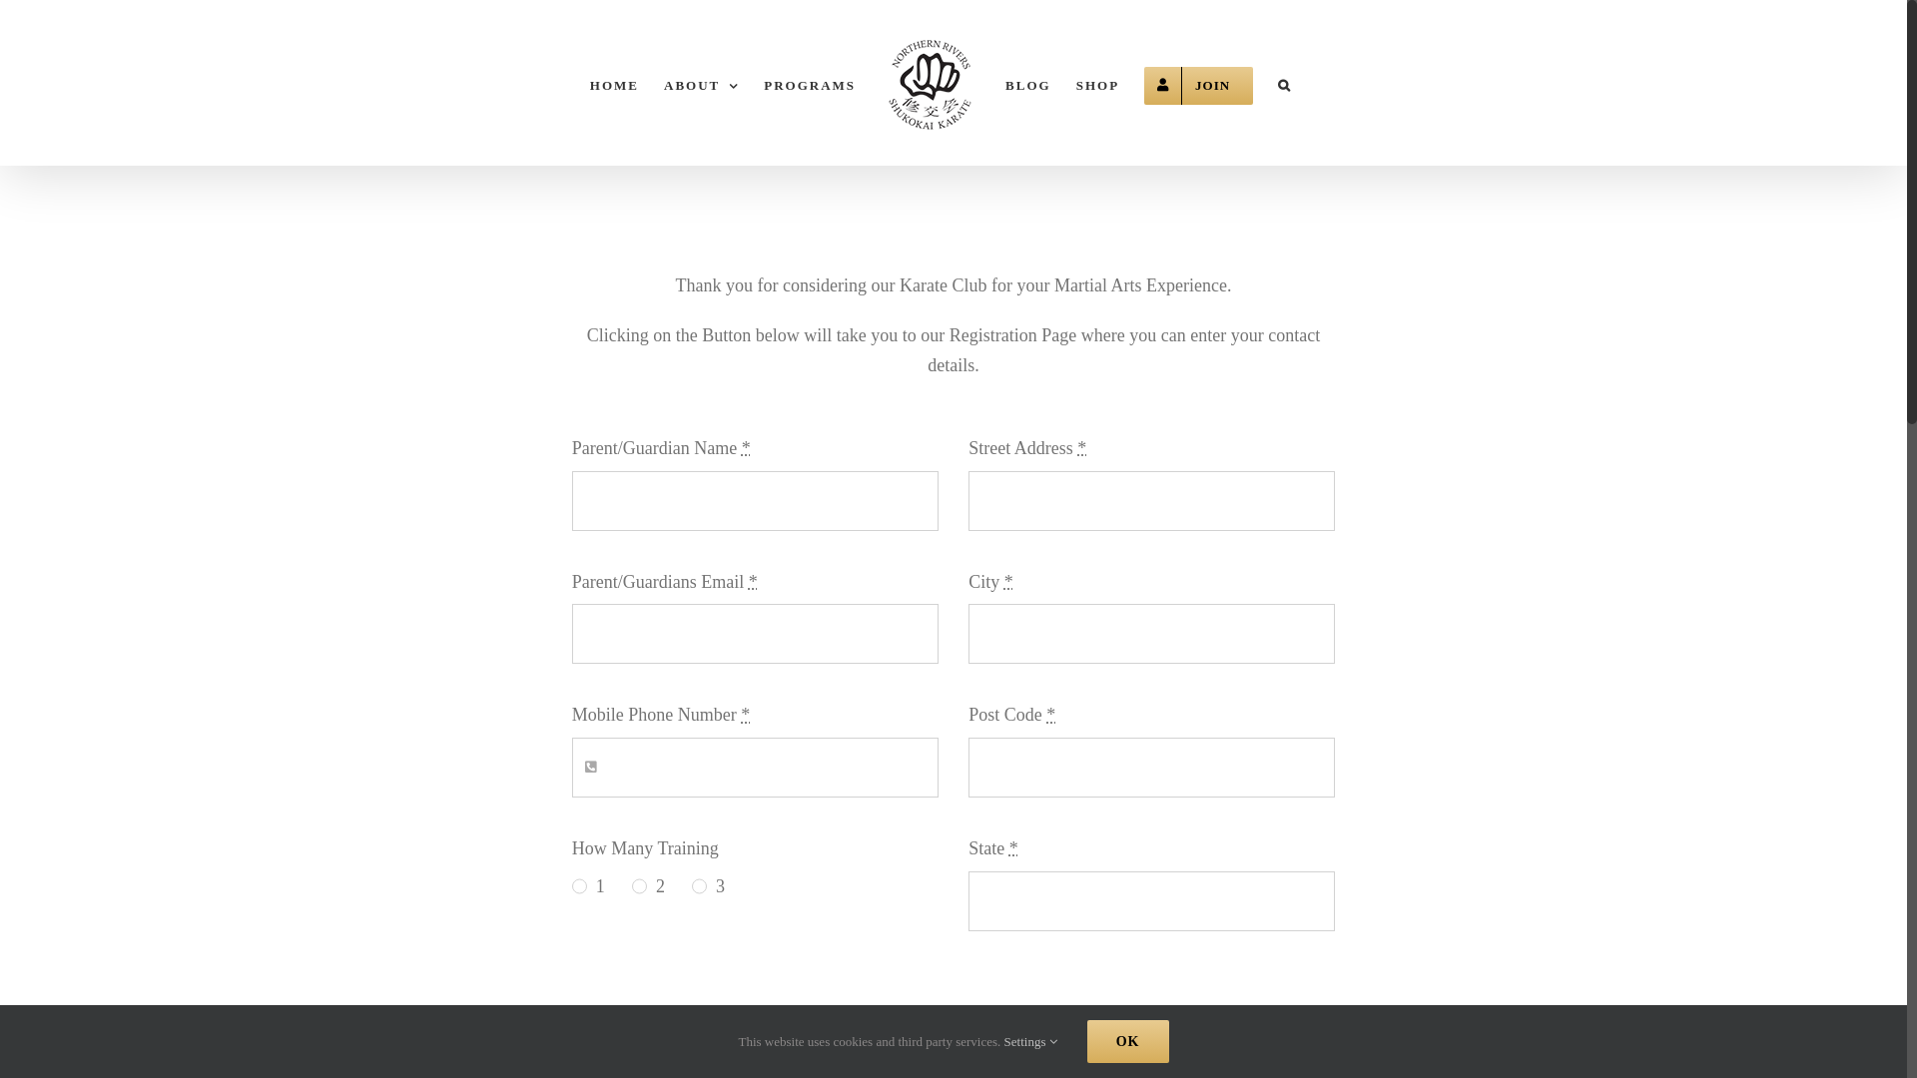 Image resolution: width=1917 pixels, height=1078 pixels. What do you see at coordinates (810, 82) in the screenshot?
I see `'PROGRAMS'` at bounding box center [810, 82].